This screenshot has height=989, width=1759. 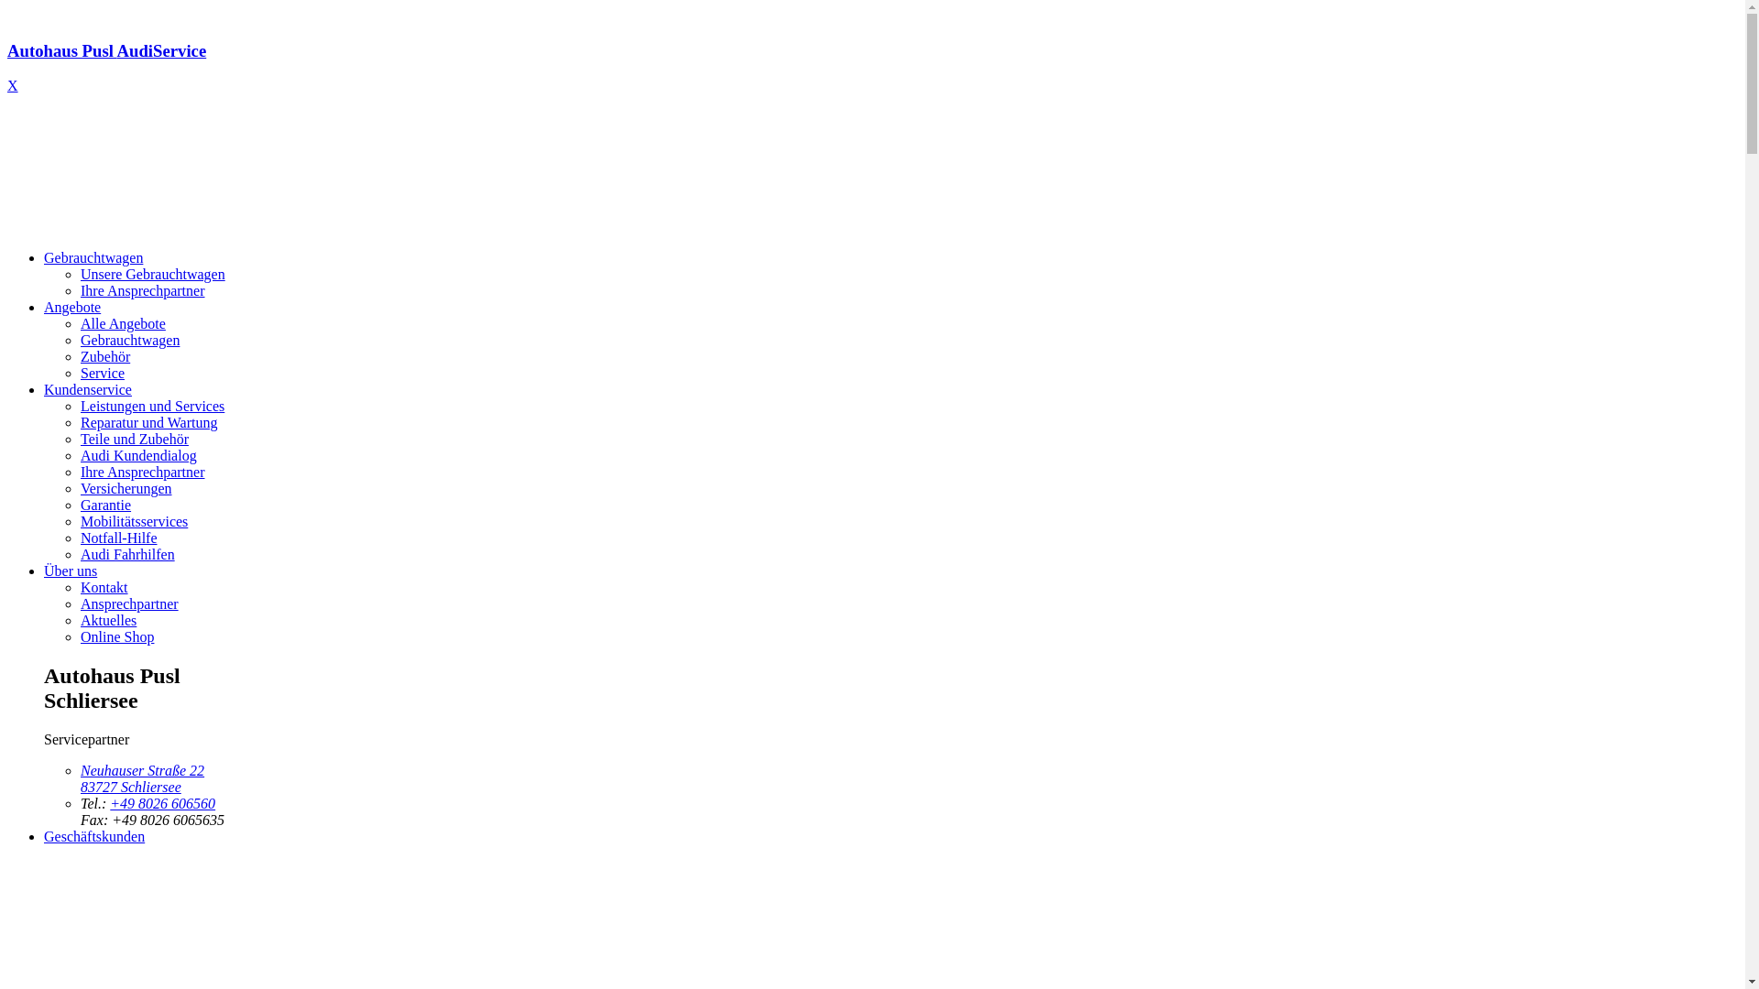 I want to click on 'X', so click(x=13, y=85).